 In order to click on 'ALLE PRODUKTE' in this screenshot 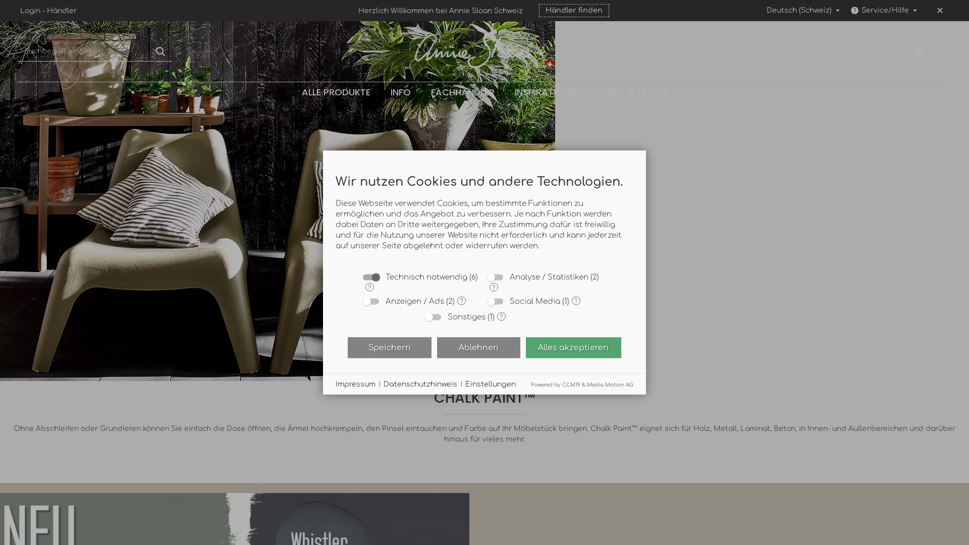, I will do `click(291, 92)`.